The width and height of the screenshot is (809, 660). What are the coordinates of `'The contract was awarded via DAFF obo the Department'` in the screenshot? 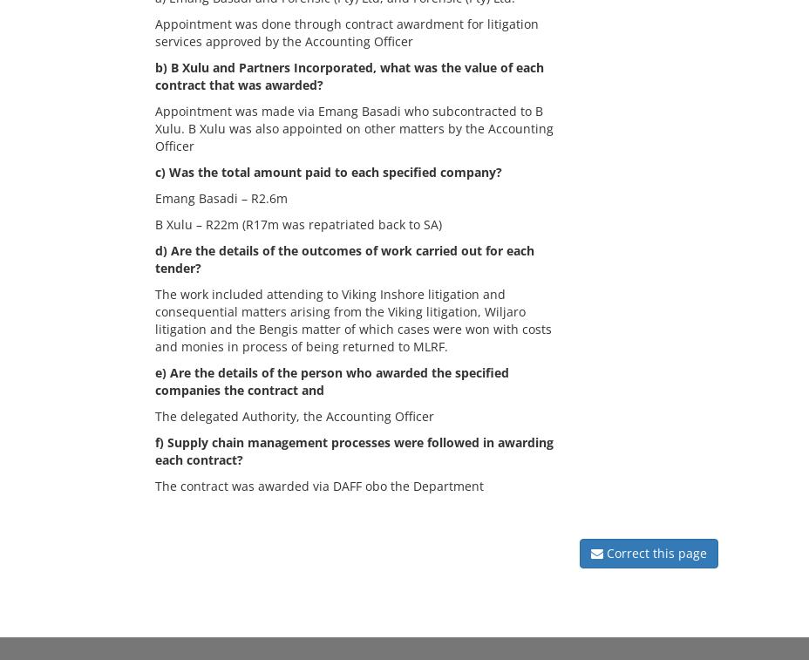 It's located at (326, 485).